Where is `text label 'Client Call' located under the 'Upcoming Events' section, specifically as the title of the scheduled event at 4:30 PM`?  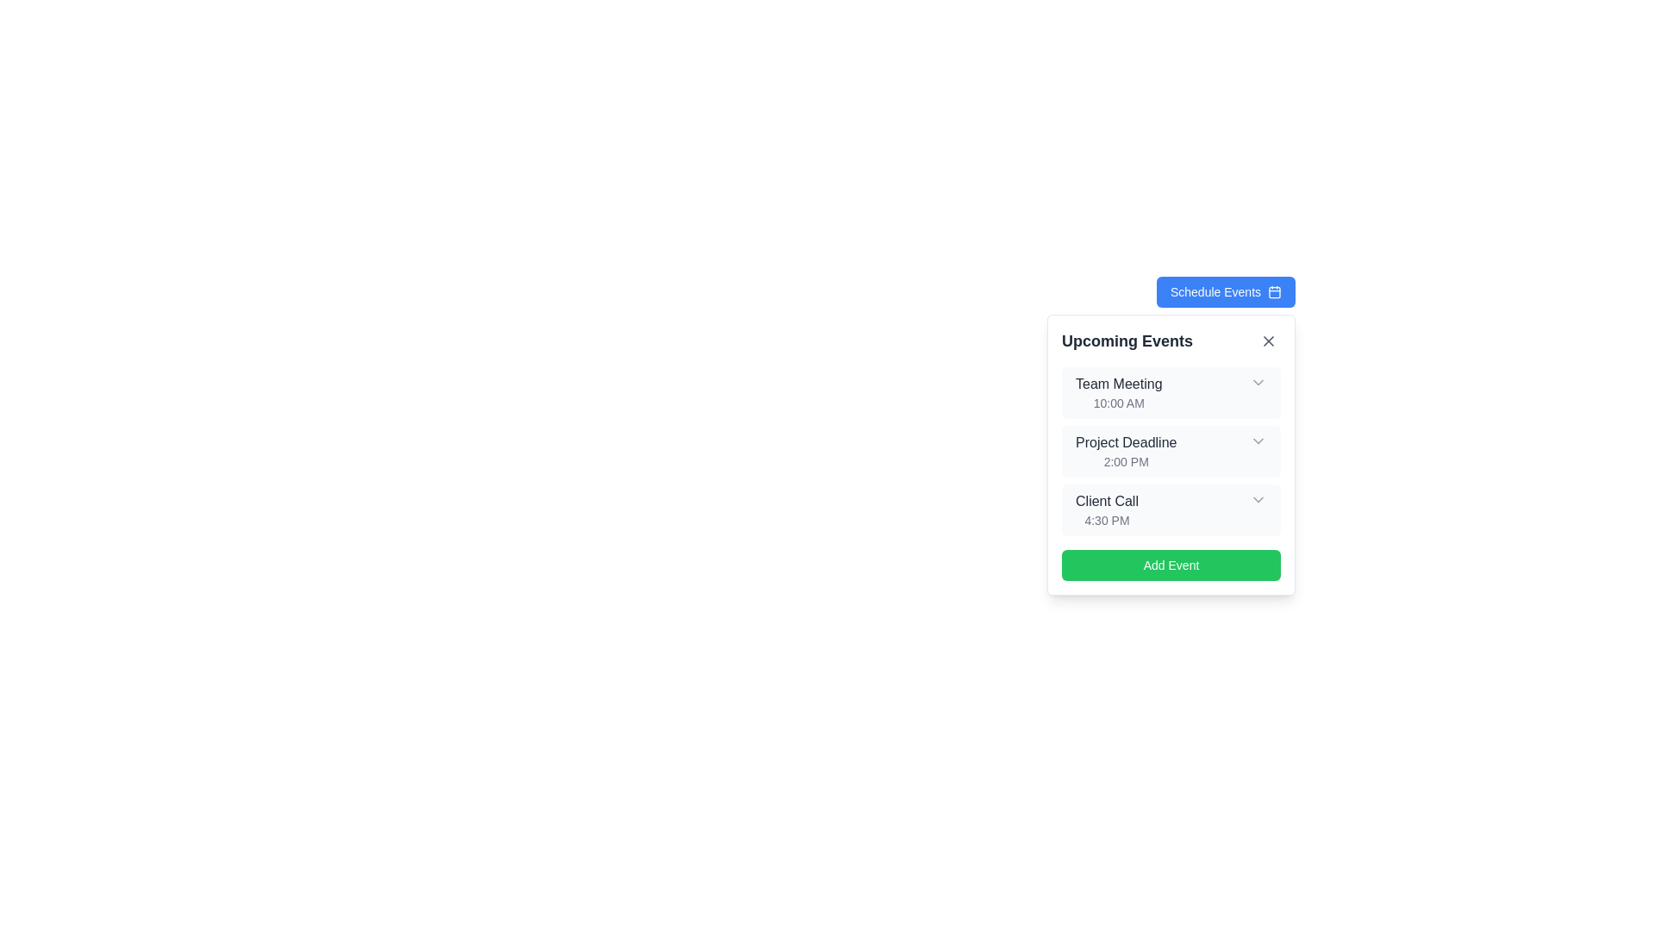
text label 'Client Call' located under the 'Upcoming Events' section, specifically as the title of the scheduled event at 4:30 PM is located at coordinates (1107, 502).